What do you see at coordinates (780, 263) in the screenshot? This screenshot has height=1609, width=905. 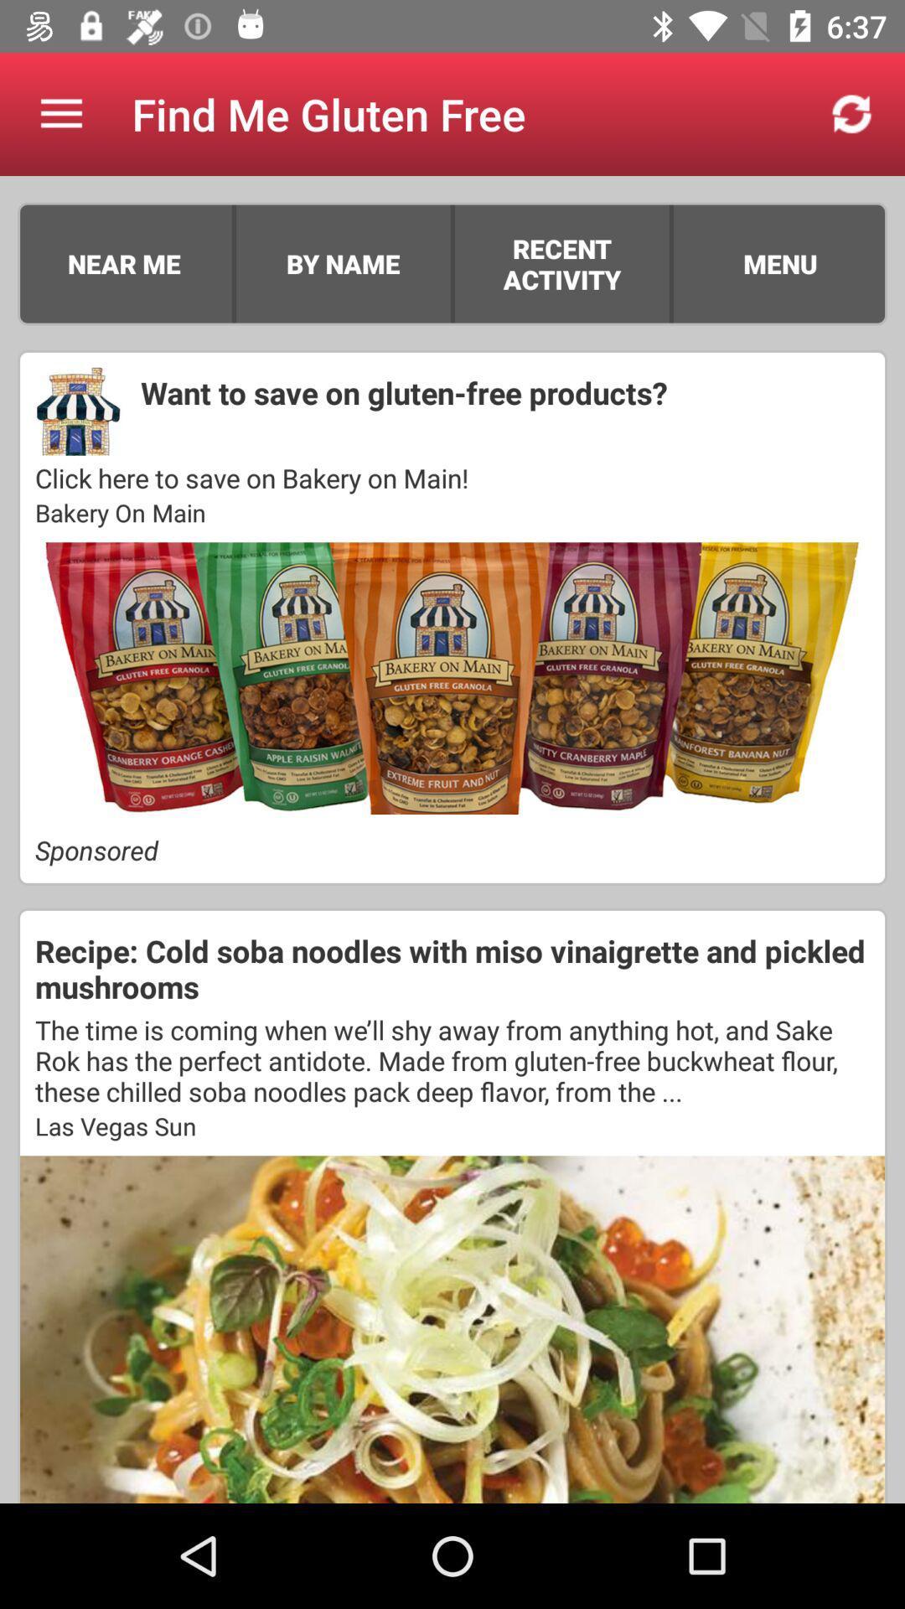 I see `menu` at bounding box center [780, 263].